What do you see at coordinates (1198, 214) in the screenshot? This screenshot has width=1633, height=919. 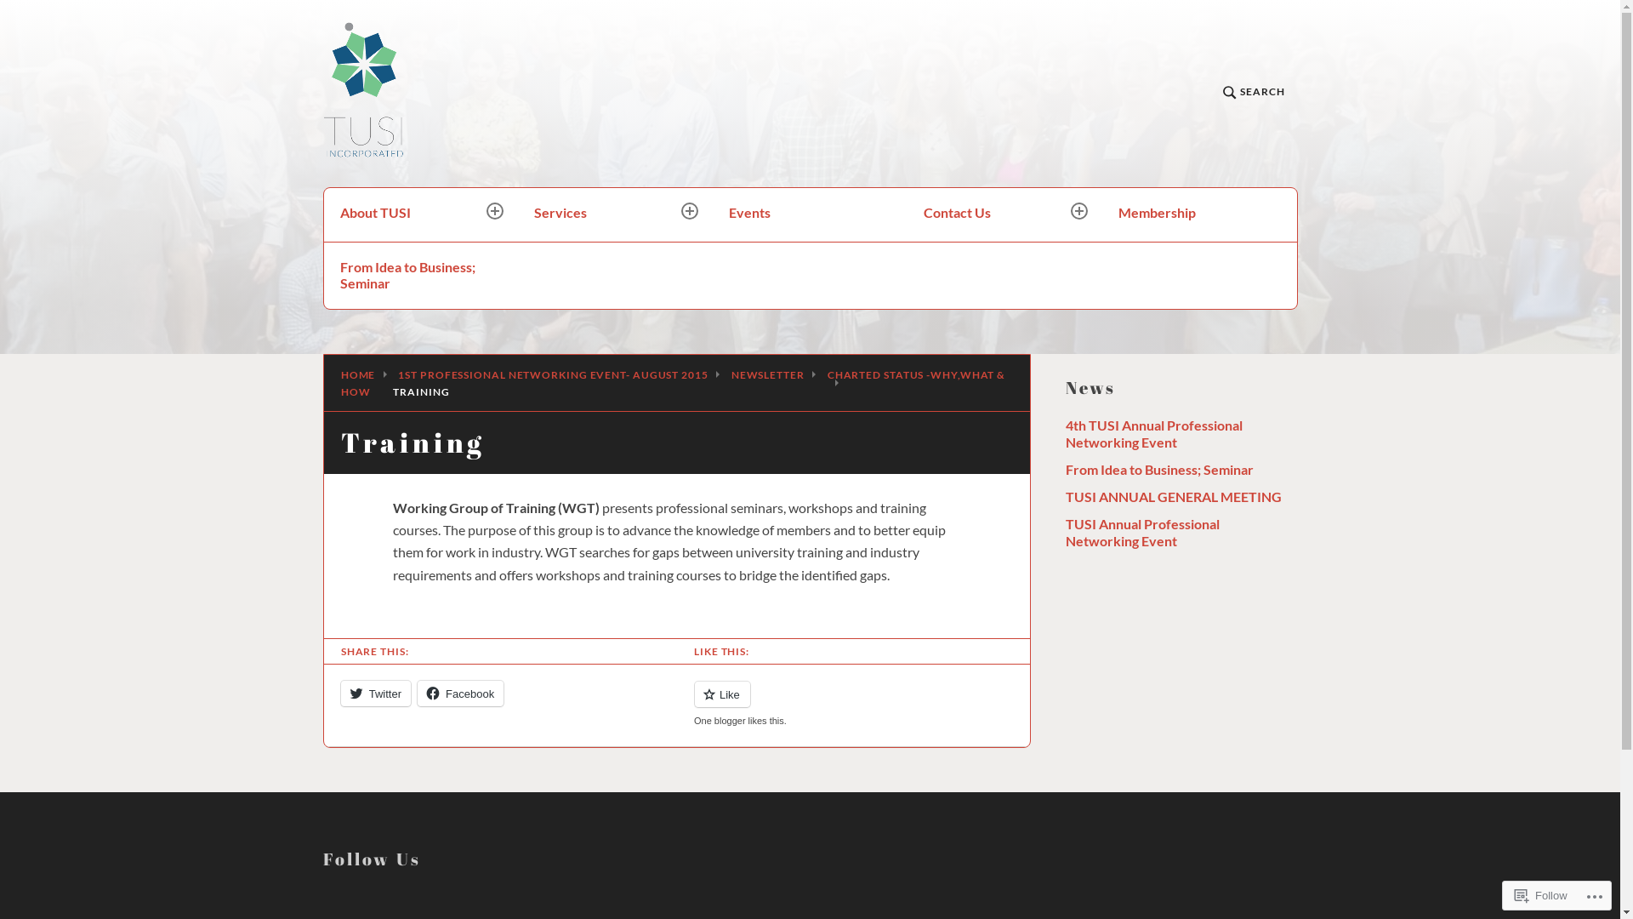 I see `'Membership'` at bounding box center [1198, 214].